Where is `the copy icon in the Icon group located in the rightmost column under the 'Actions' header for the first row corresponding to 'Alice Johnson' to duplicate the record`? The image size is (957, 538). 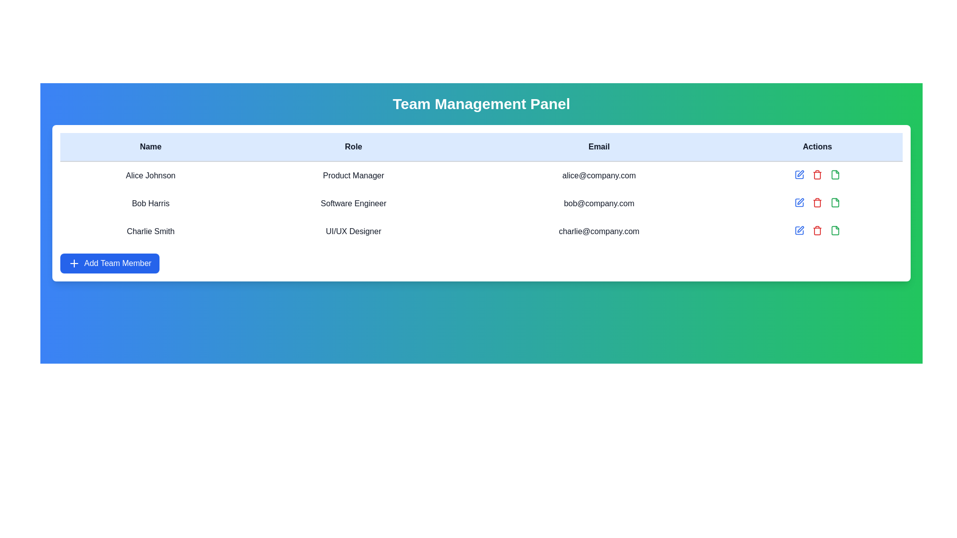 the copy icon in the Icon group located in the rightmost column under the 'Actions' header for the first row corresponding to 'Alice Johnson' to duplicate the record is located at coordinates (817, 174).